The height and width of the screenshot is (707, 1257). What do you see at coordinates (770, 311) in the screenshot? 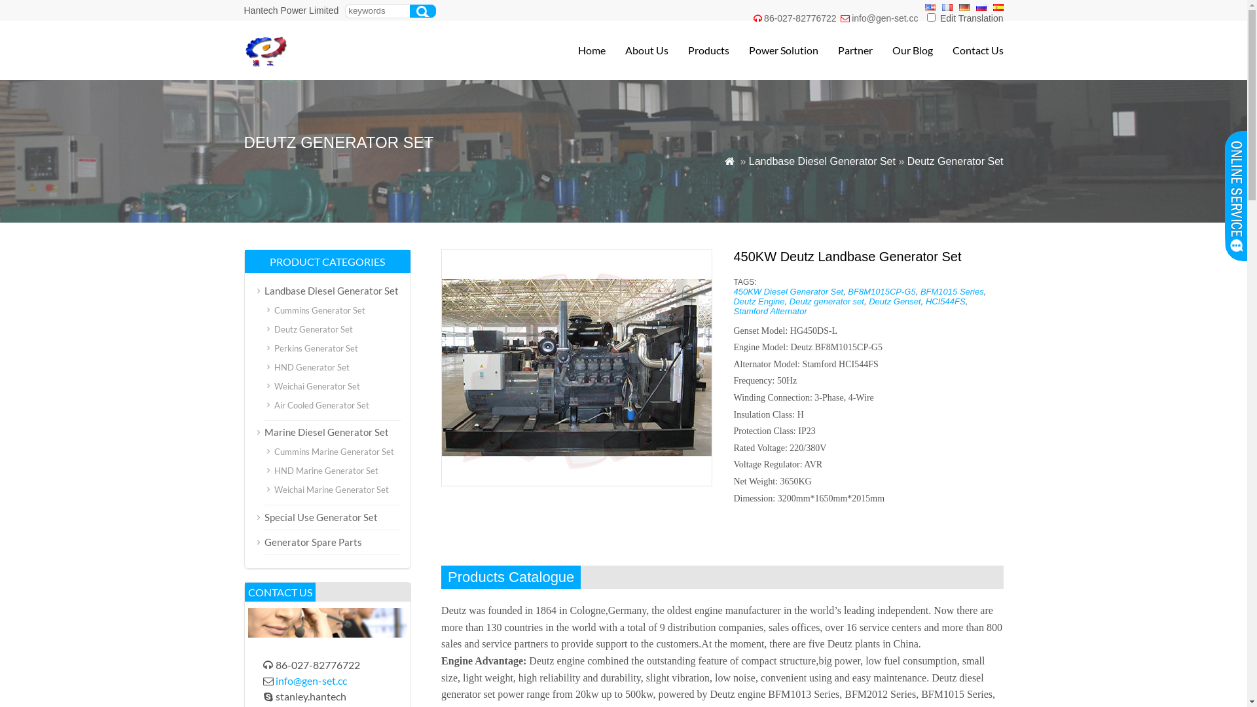
I see `'Stamford Alternator'` at bounding box center [770, 311].